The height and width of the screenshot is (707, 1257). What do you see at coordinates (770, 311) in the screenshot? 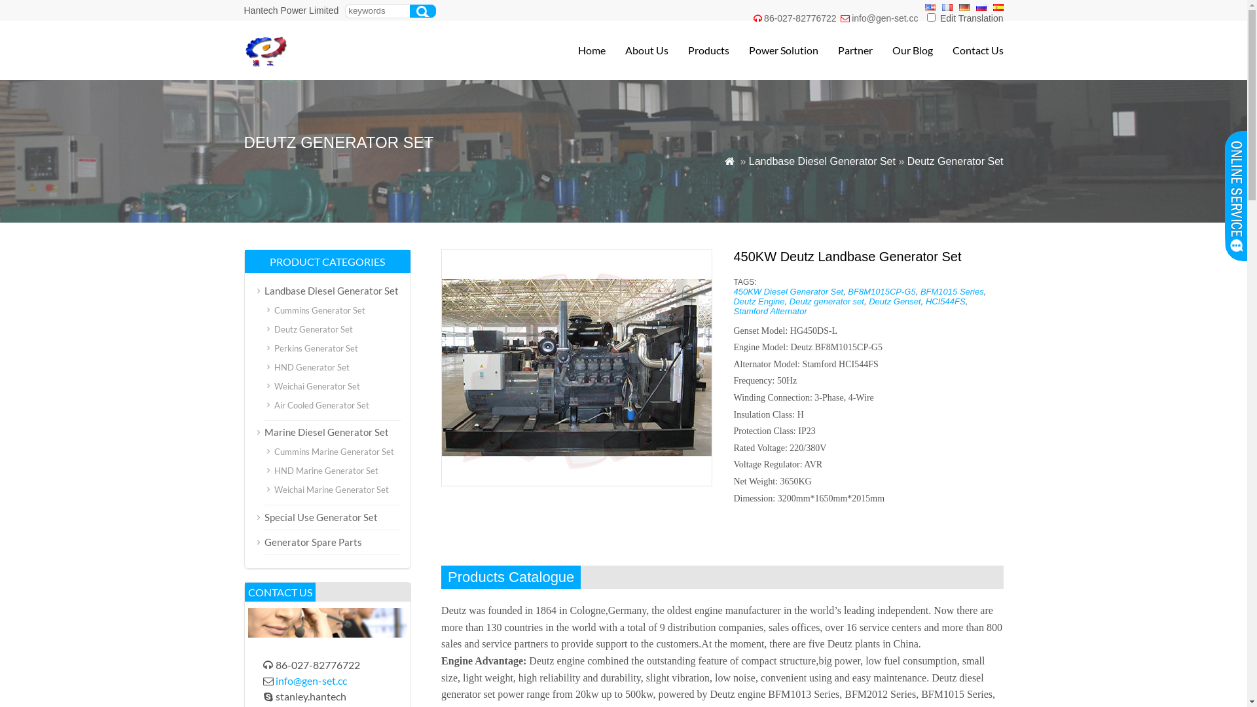
I see `'Stamford Alternator'` at bounding box center [770, 311].